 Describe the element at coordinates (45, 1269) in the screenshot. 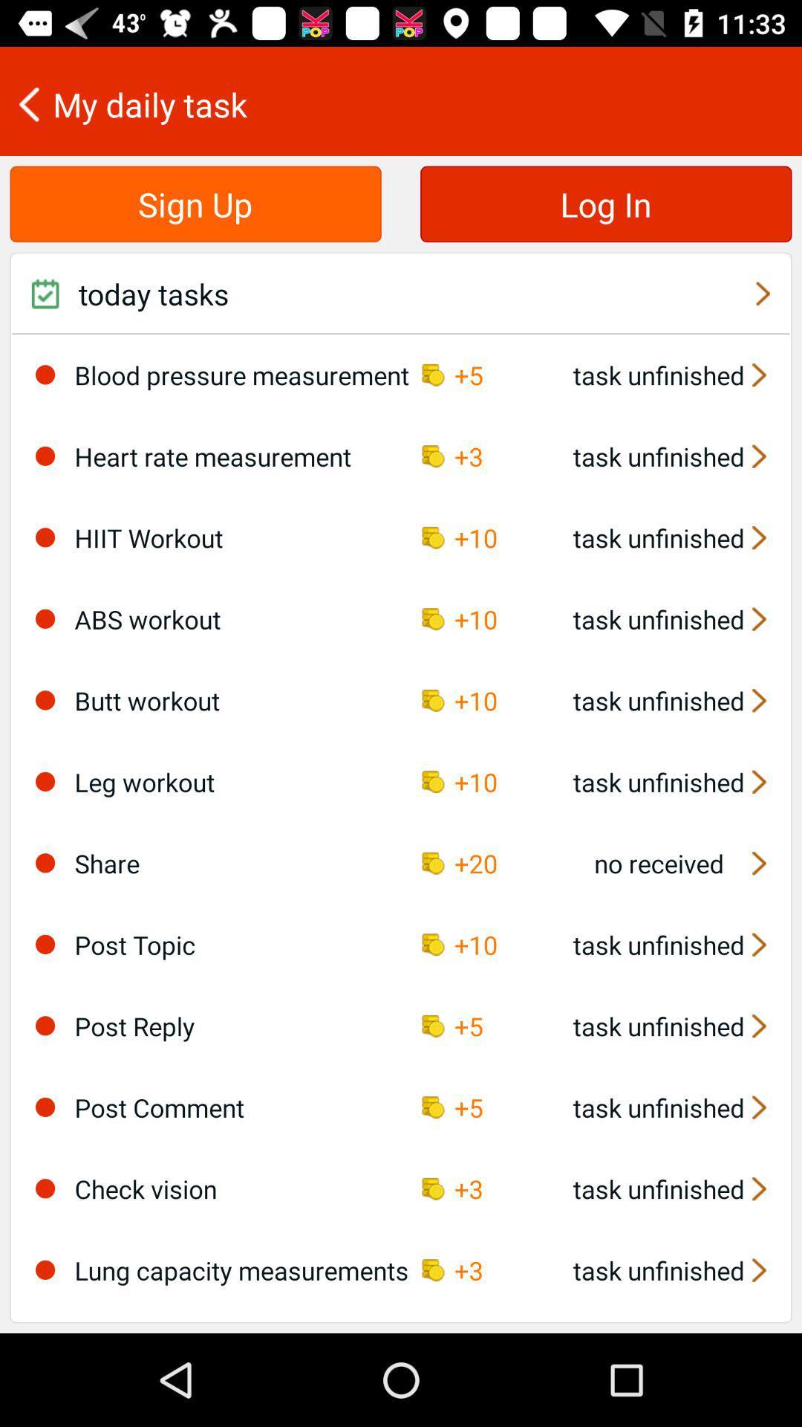

I see `item next to lung capacity measurements icon` at that location.